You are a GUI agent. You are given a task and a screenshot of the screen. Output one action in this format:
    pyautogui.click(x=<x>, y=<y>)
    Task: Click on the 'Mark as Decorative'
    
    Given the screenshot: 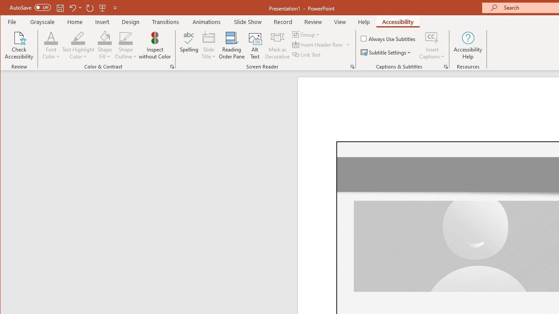 What is the action you would take?
    pyautogui.click(x=277, y=45)
    